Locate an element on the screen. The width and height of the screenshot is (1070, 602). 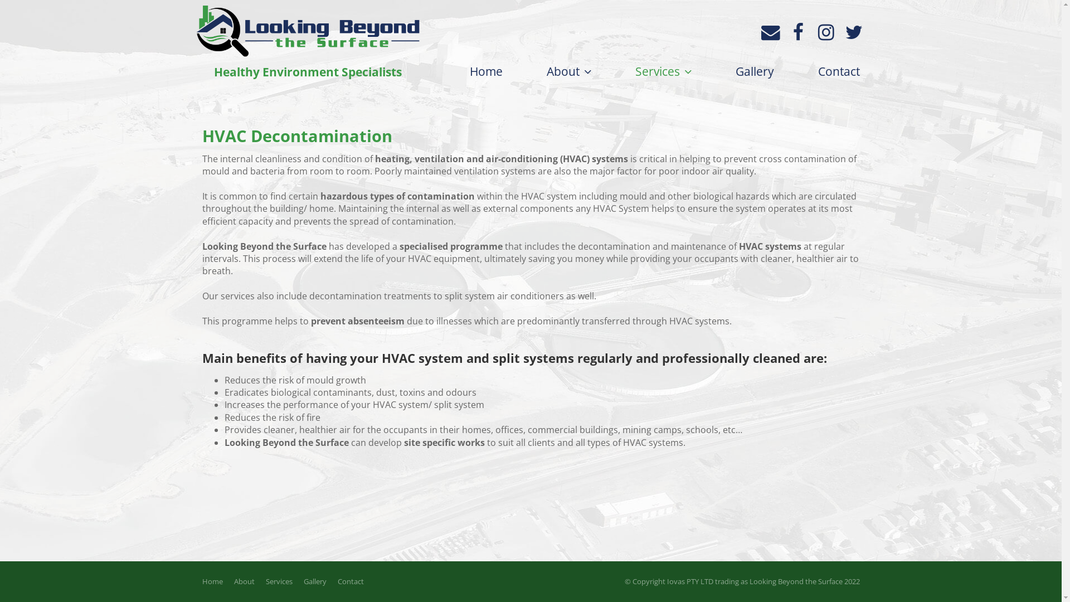
'Services' is located at coordinates (278, 580).